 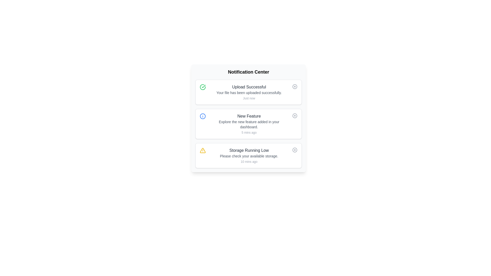 I want to click on the text label that displays 'Your file has been uploaded successfully.', so click(x=249, y=93).